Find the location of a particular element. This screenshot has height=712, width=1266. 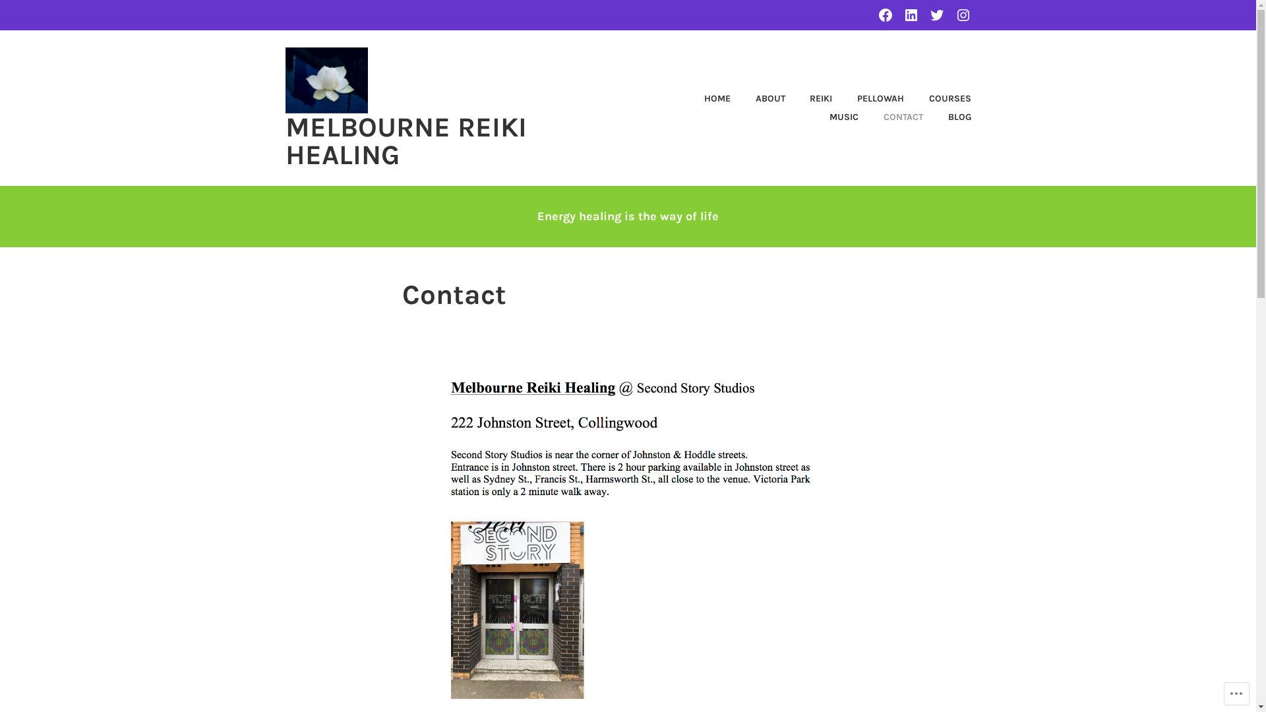

'MELBOURNE REIKI HEALING' is located at coordinates (284, 140).